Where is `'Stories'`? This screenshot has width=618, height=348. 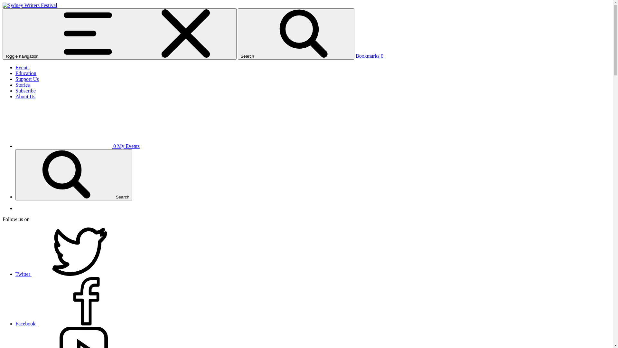 'Stories' is located at coordinates (23, 84).